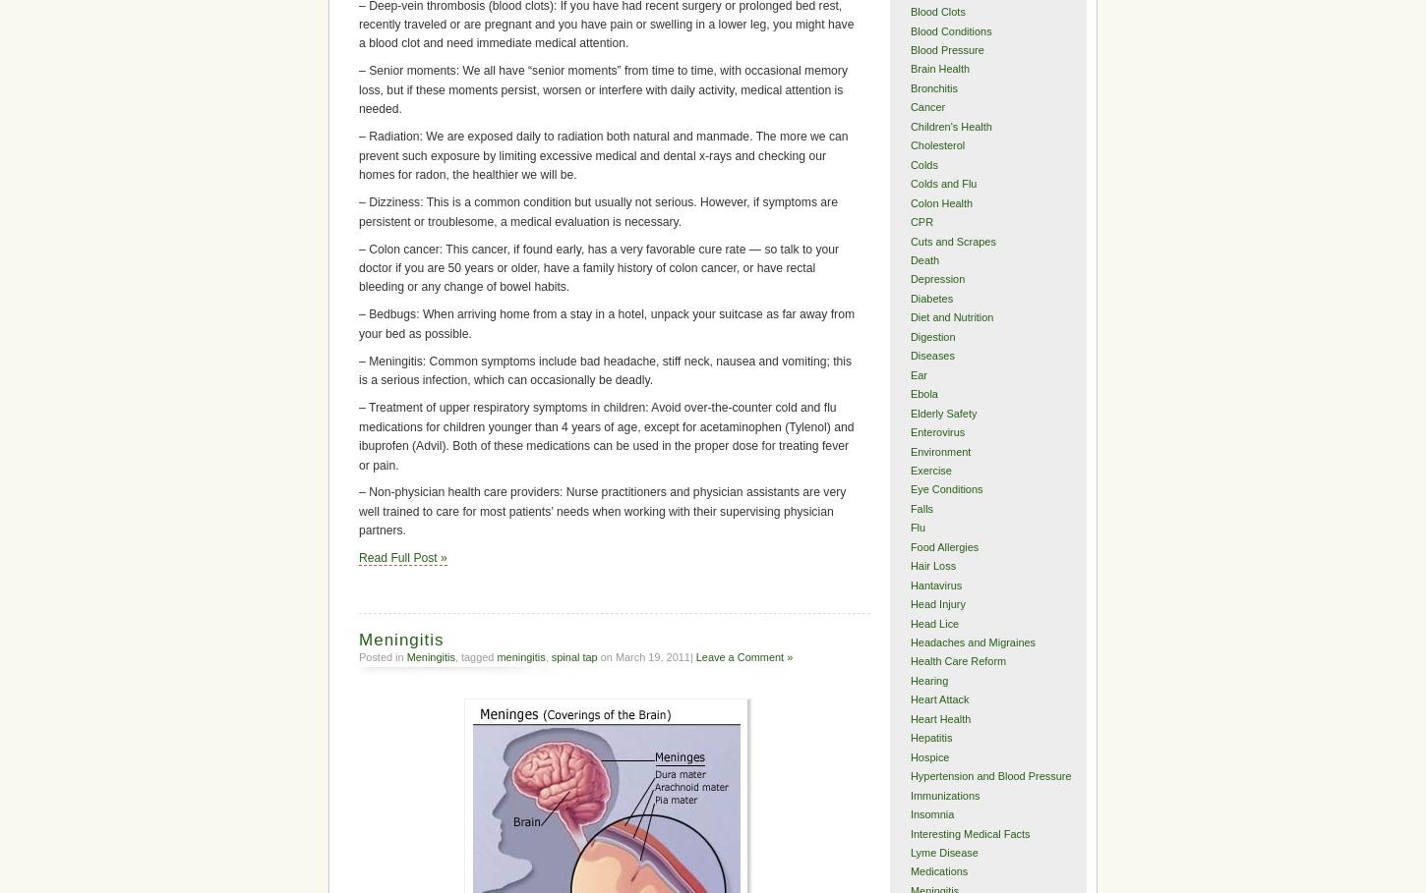 The image size is (1426, 893). I want to click on 'Colds', so click(922, 162).